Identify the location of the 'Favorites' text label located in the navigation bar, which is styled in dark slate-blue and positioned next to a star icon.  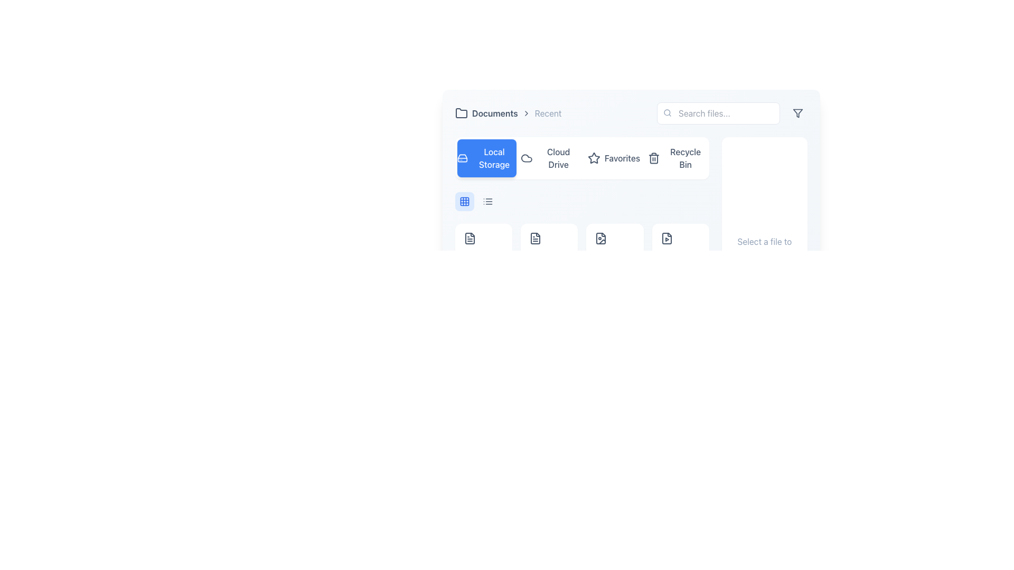
(622, 158).